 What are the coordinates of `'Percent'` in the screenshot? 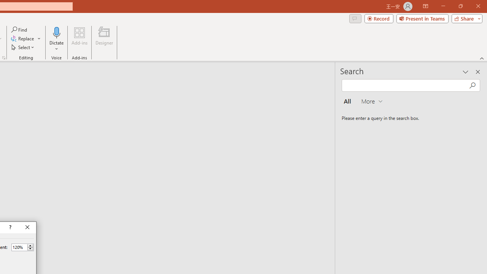 It's located at (22, 247).